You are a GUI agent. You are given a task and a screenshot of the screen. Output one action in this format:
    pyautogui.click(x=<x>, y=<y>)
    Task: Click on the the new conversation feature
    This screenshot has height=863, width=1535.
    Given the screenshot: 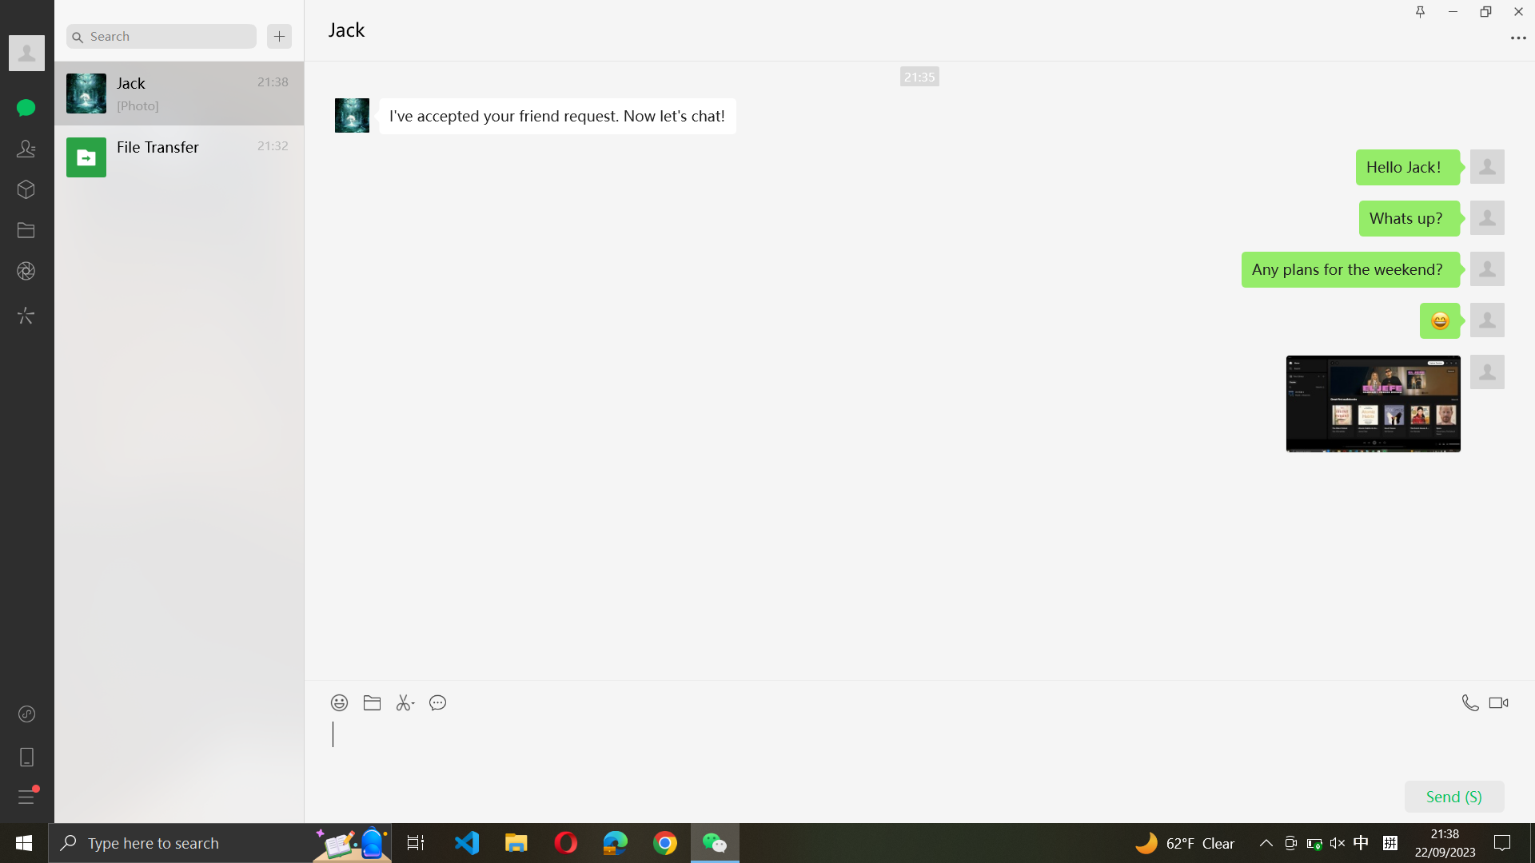 What is the action you would take?
    pyautogui.click(x=279, y=36)
    